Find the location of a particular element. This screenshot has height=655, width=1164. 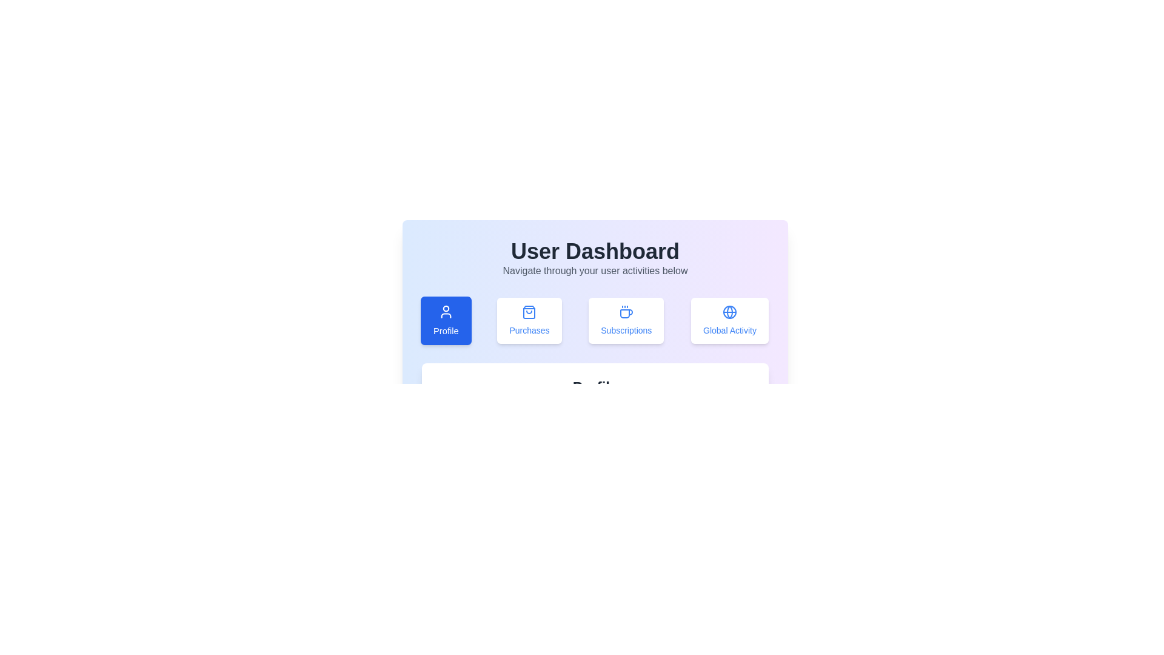

the Global Activity tab to view its content is located at coordinates (729, 320).